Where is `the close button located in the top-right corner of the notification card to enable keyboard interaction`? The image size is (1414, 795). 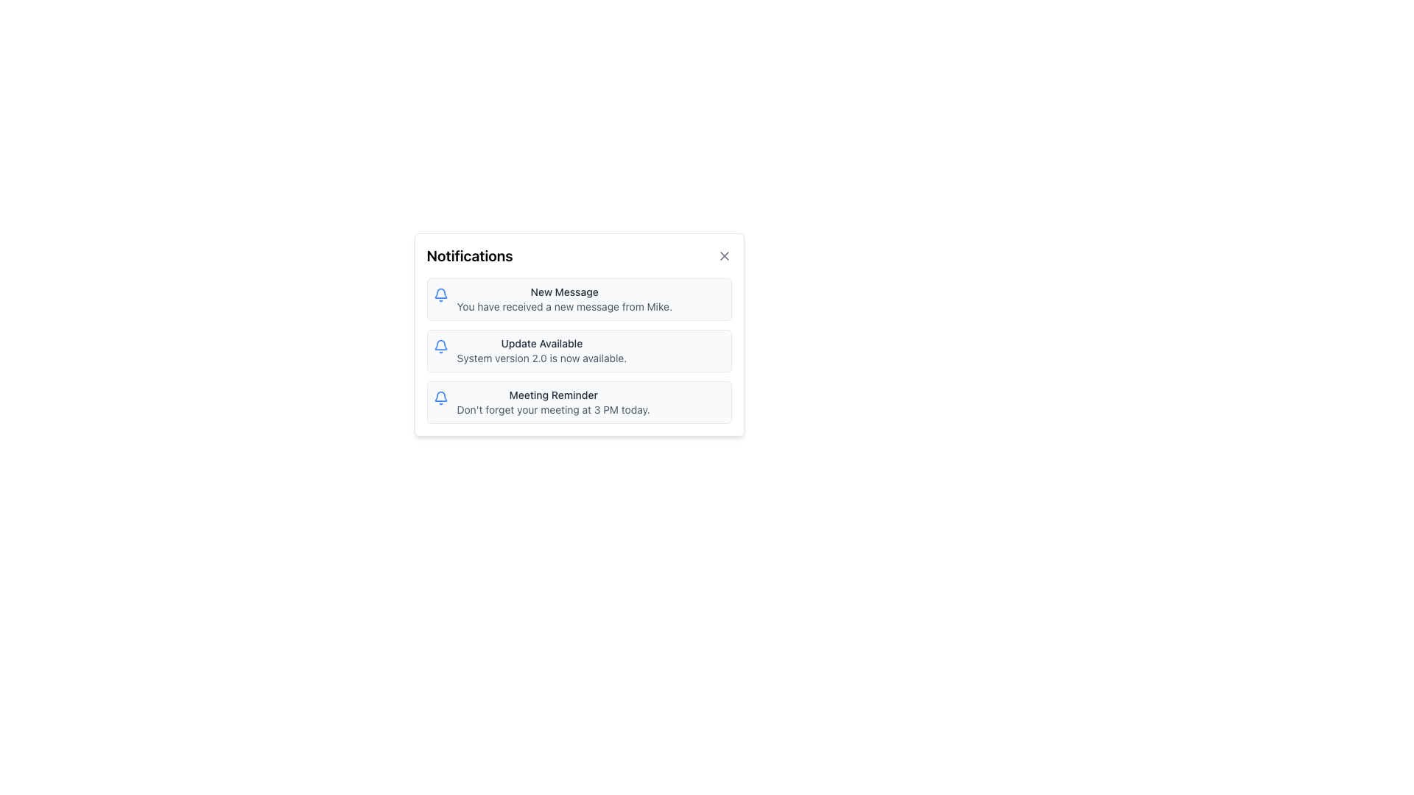 the close button located in the top-right corner of the notification card to enable keyboard interaction is located at coordinates (724, 255).